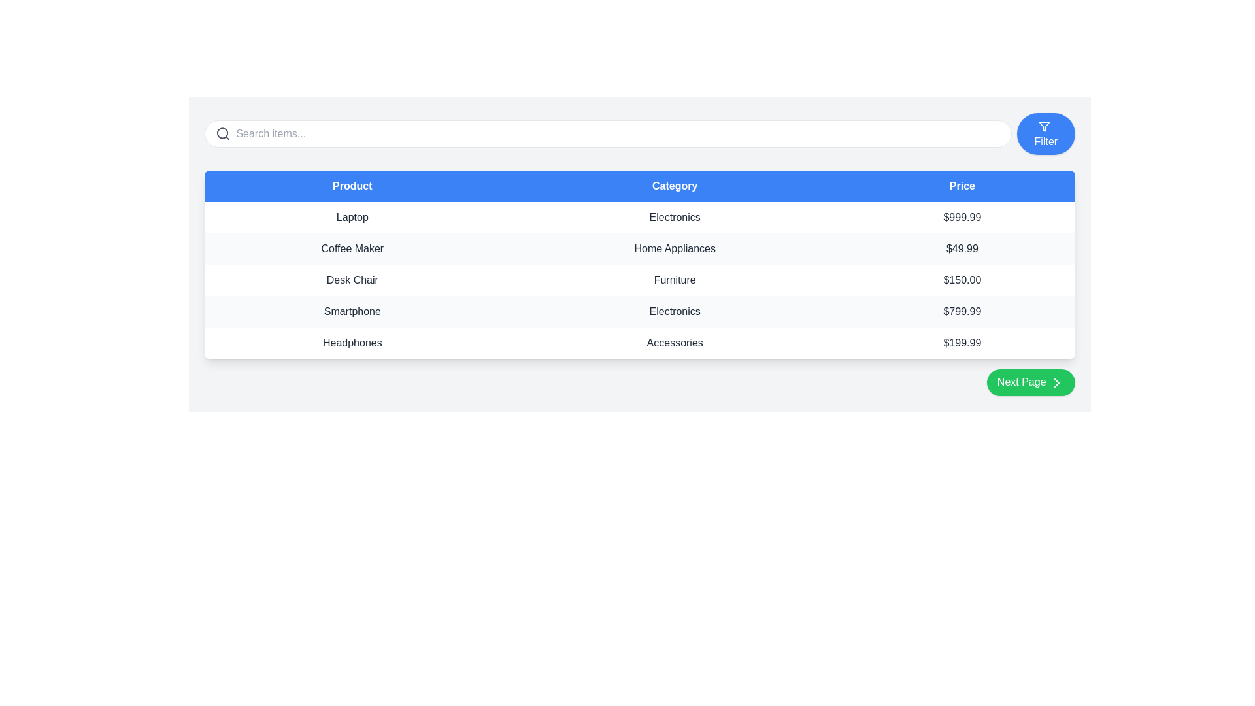 The height and width of the screenshot is (706, 1255). What do you see at coordinates (640, 342) in the screenshot?
I see `the fifth row in the product table that displays the product details including its name, category, and price` at bounding box center [640, 342].